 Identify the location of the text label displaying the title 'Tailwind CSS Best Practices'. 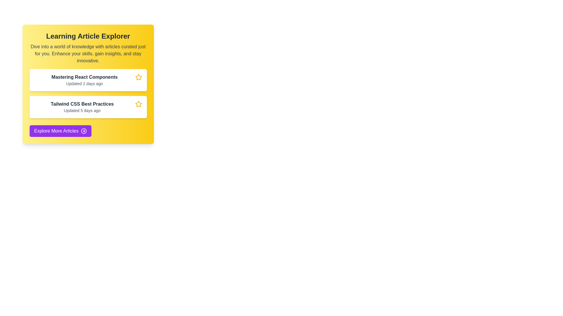
(82, 104).